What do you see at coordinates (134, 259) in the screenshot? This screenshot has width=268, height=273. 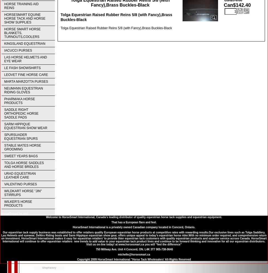 I see `'Copyright 2009 HorseSmart International "Horse Tack Wholesalers' All-Rights Reserved'` at bounding box center [134, 259].